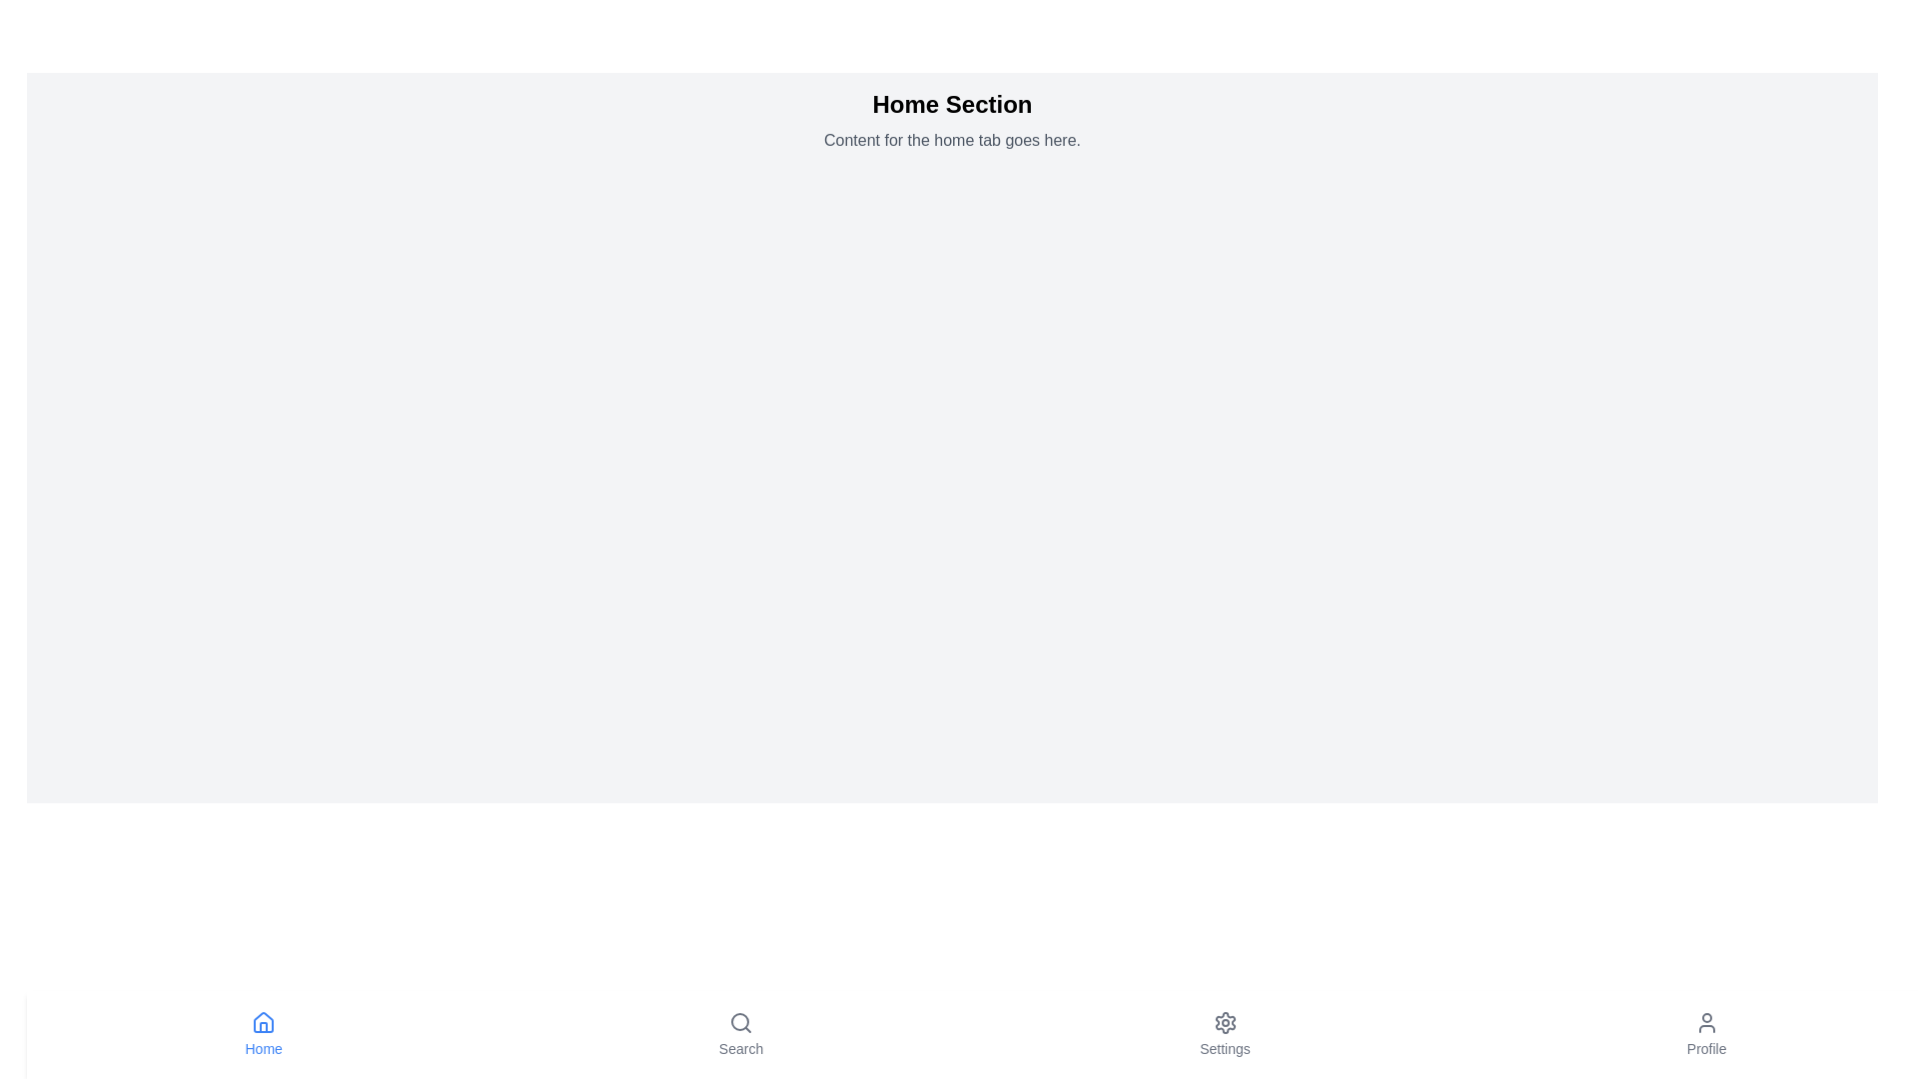 The image size is (1918, 1079). Describe the element at coordinates (263, 1027) in the screenshot. I see `the house icon which encompasses the decorative vector graphic located at the center-bottom of the house icon in the navigation bar` at that location.